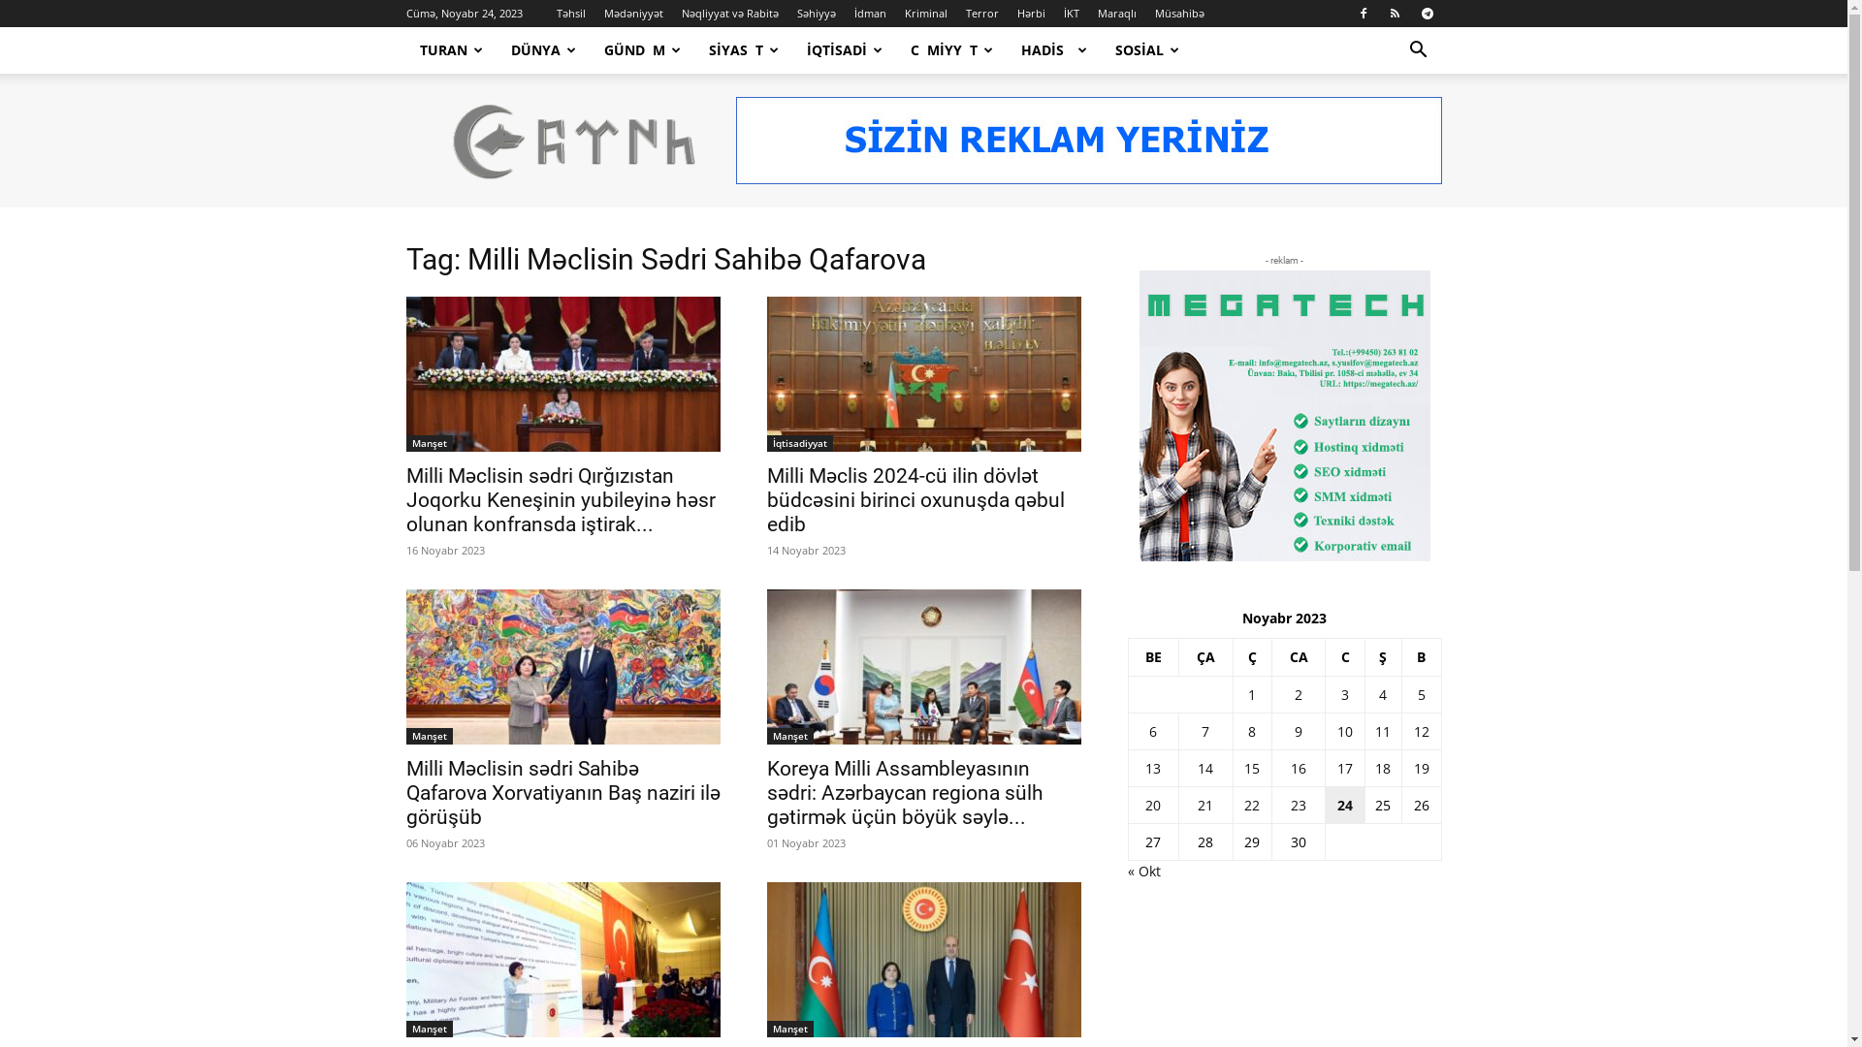  I want to click on 'Facebook', so click(1362, 14).